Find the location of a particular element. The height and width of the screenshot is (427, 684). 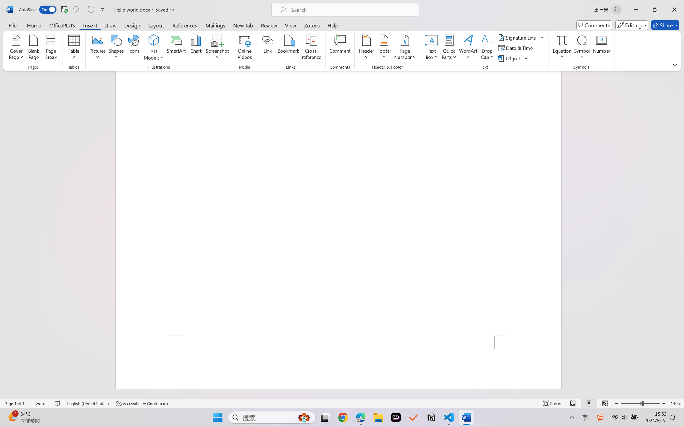

'References' is located at coordinates (185, 25).